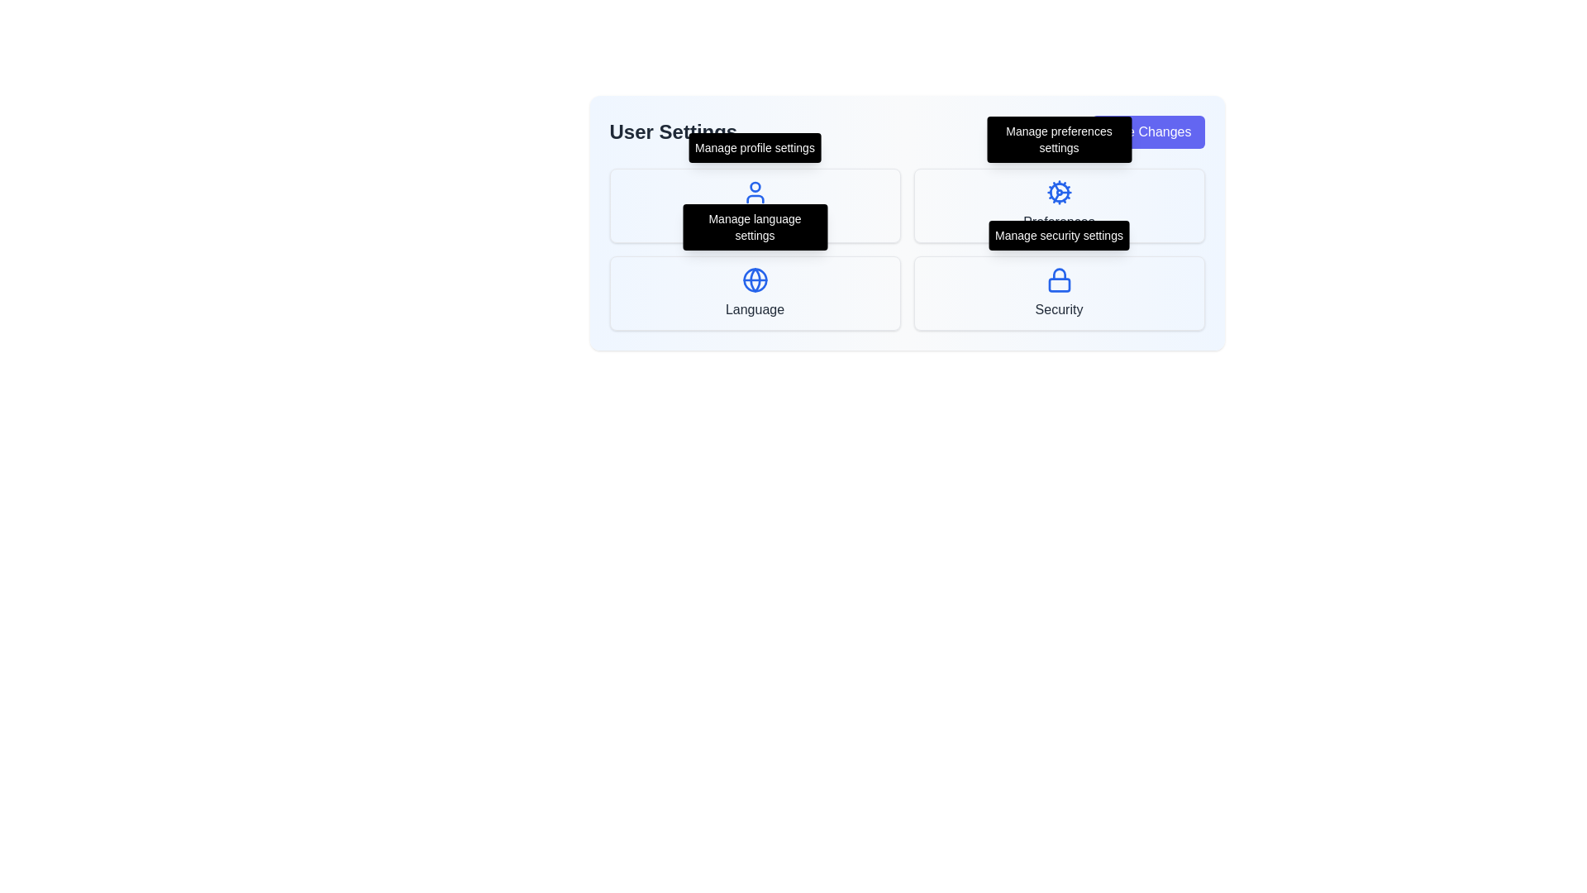  Describe the element at coordinates (1059, 139) in the screenshot. I see `the tooltip with the text 'Manage preferences settings.' which is a rectangular tooltip with rounded corners and a solid black background, appearing above the 'Preferences' button in the 'User Settings' section` at that location.